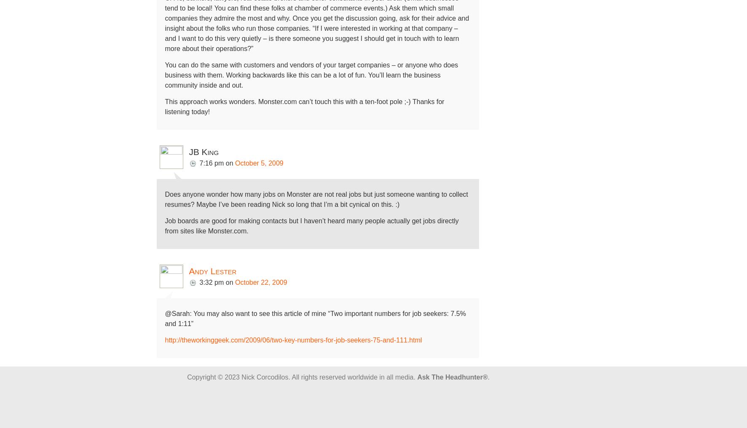  I want to click on 'October 22, 2009', so click(260, 282).